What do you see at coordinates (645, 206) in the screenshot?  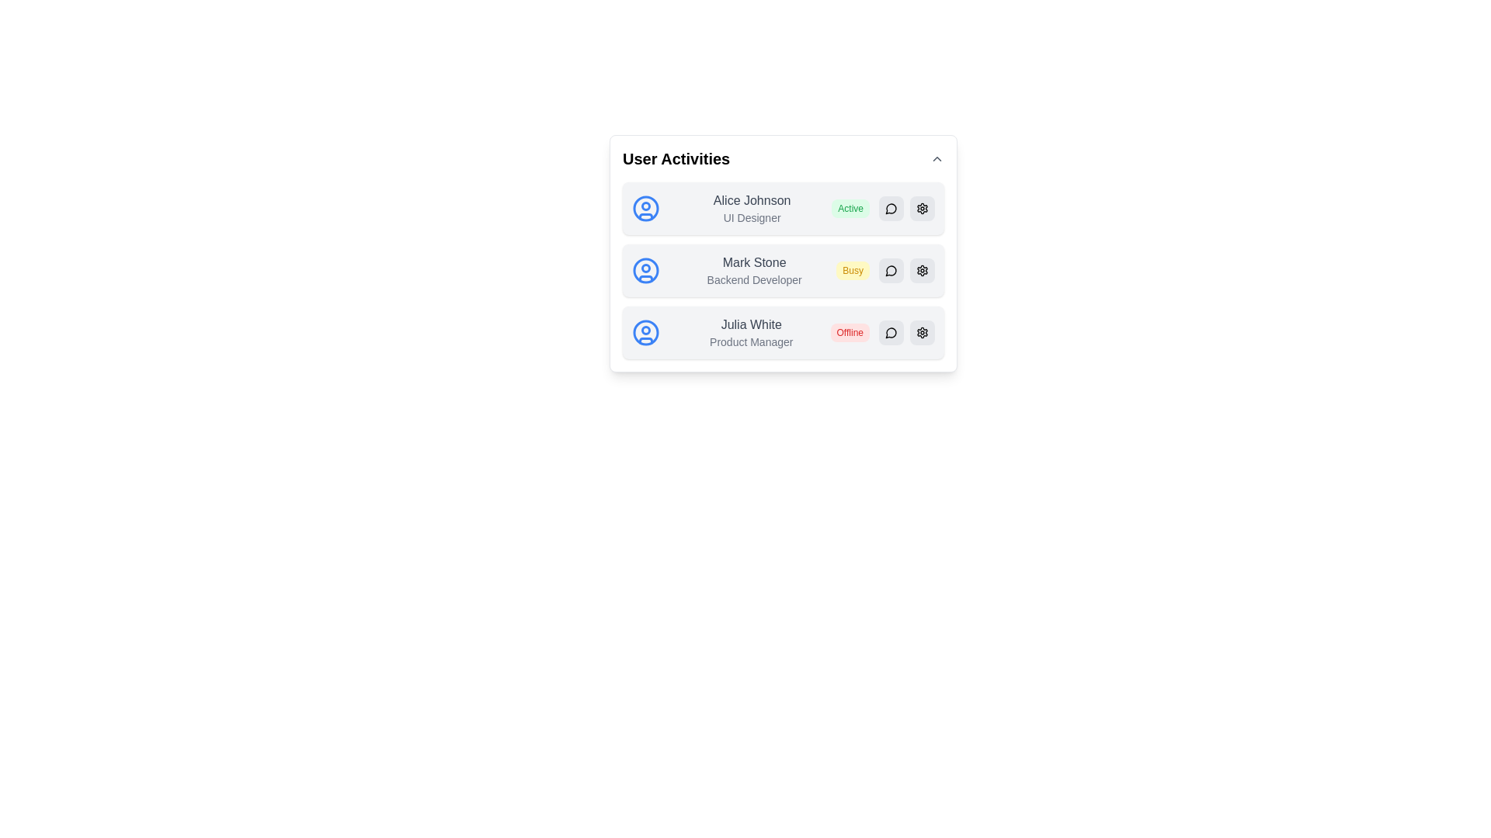 I see `the small solid circle within the larger SVG graphic icon representing user 'Alice Johnson' in the 'User Activities' list` at bounding box center [645, 206].